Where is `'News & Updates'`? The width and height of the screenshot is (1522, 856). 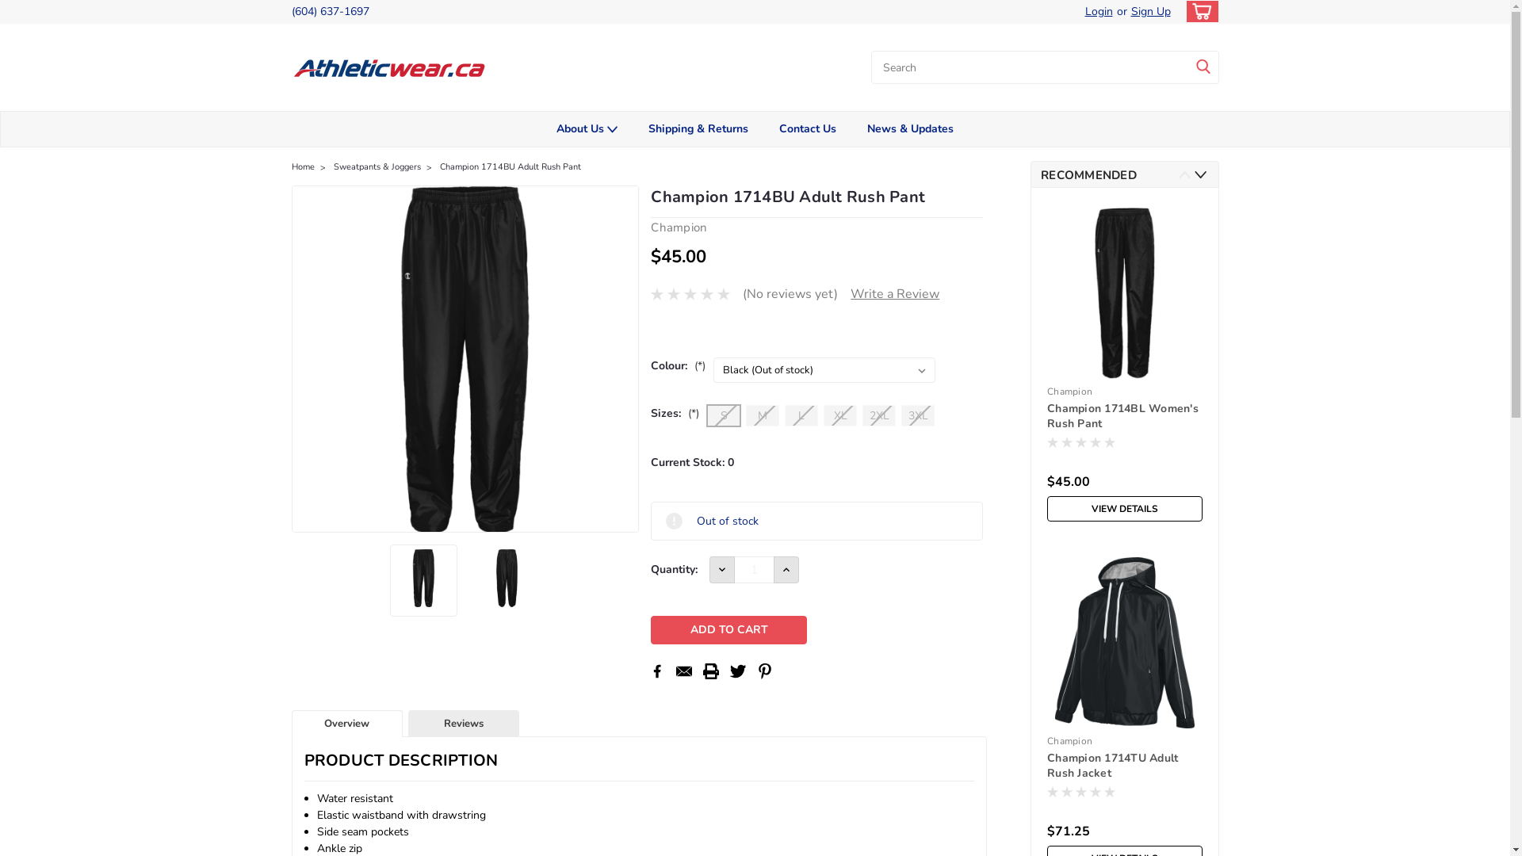 'News & Updates' is located at coordinates (909, 128).